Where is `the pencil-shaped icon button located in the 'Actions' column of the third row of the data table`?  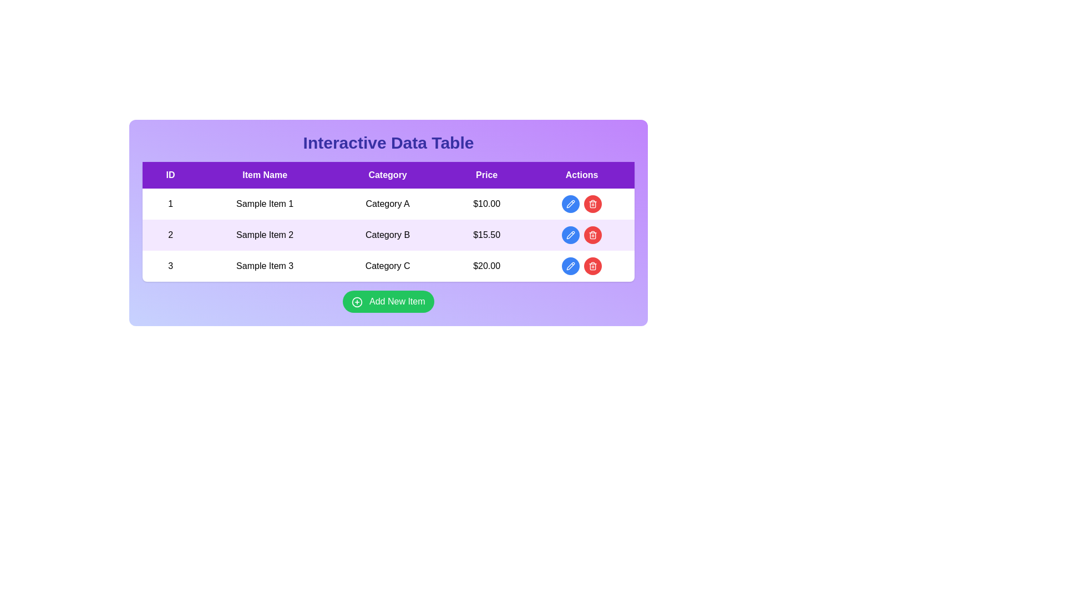 the pencil-shaped icon button located in the 'Actions' column of the third row of the data table is located at coordinates (571, 235).